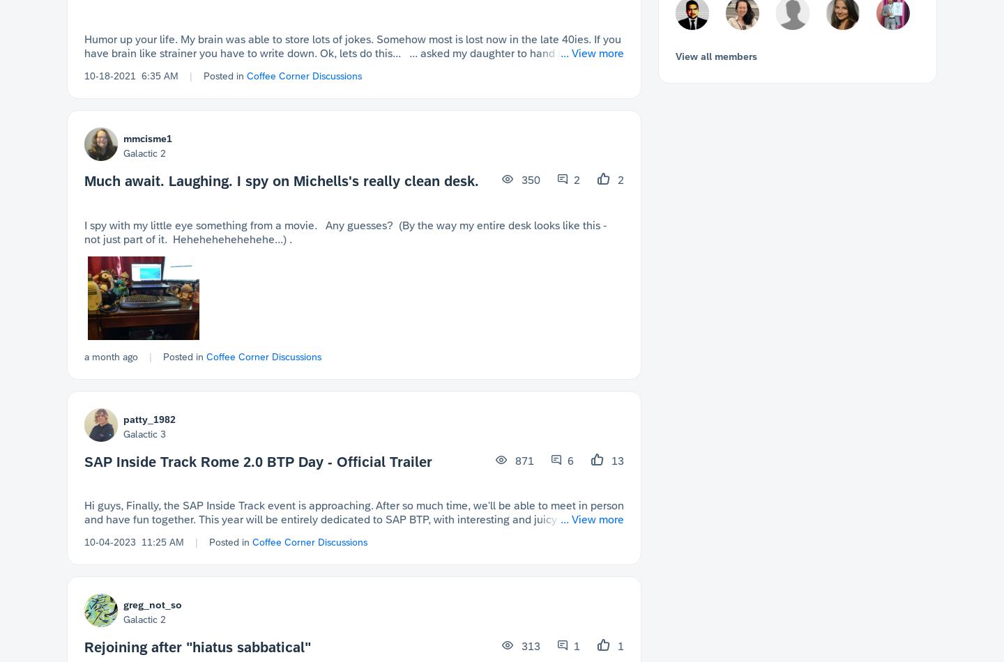  I want to click on 'greg_not_so', so click(122, 604).